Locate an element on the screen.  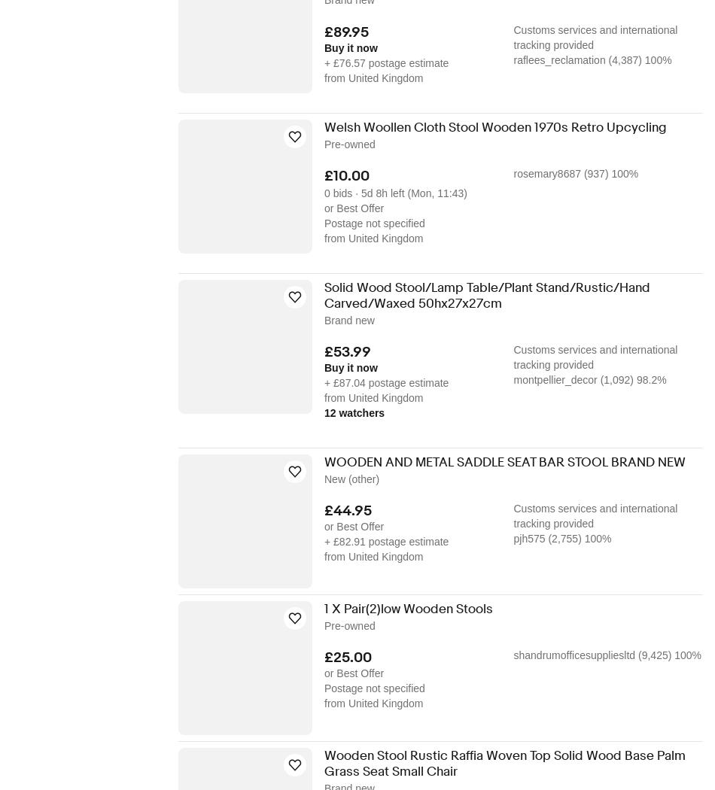
'rosemary8687 (937) 100%' is located at coordinates (575, 172).